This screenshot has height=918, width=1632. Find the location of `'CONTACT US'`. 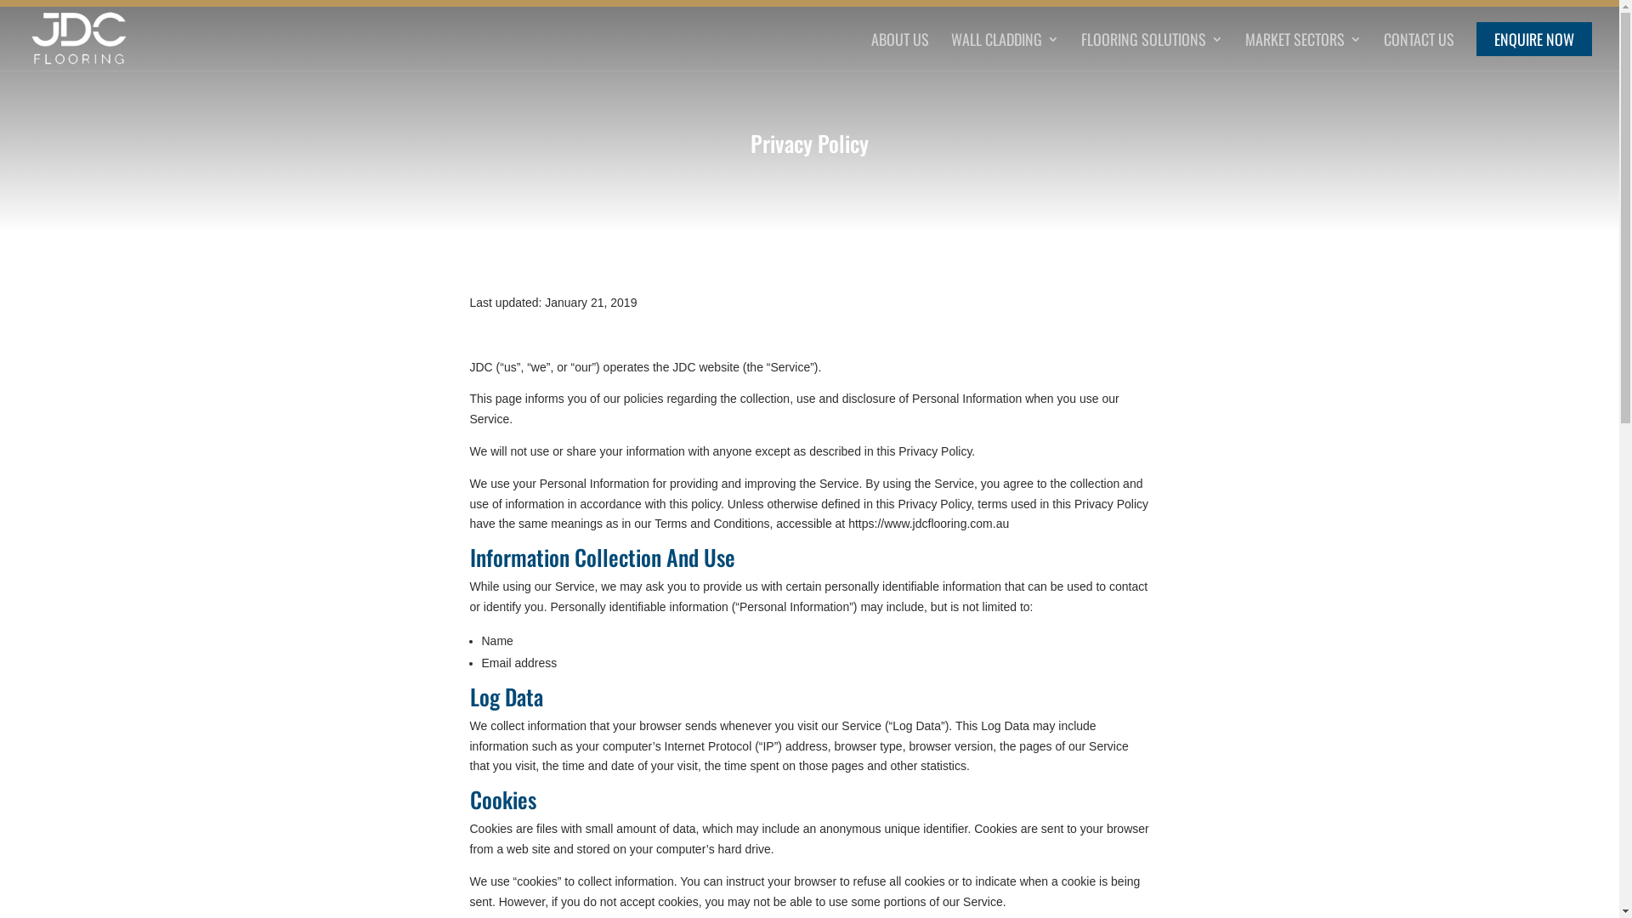

'CONTACT US' is located at coordinates (1419, 51).